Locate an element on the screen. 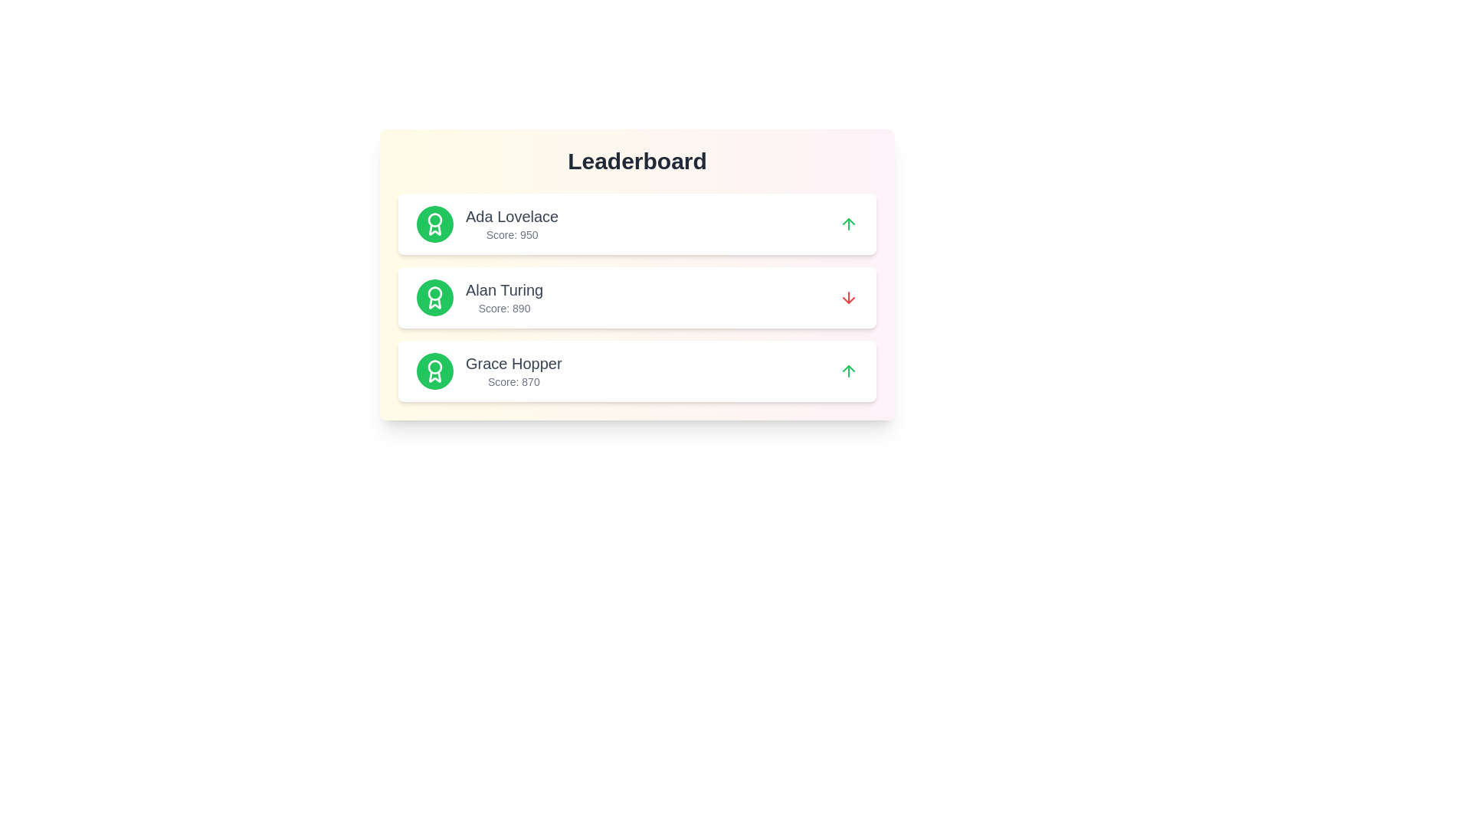  the leaderboard entry for Alan Turing is located at coordinates (637, 298).